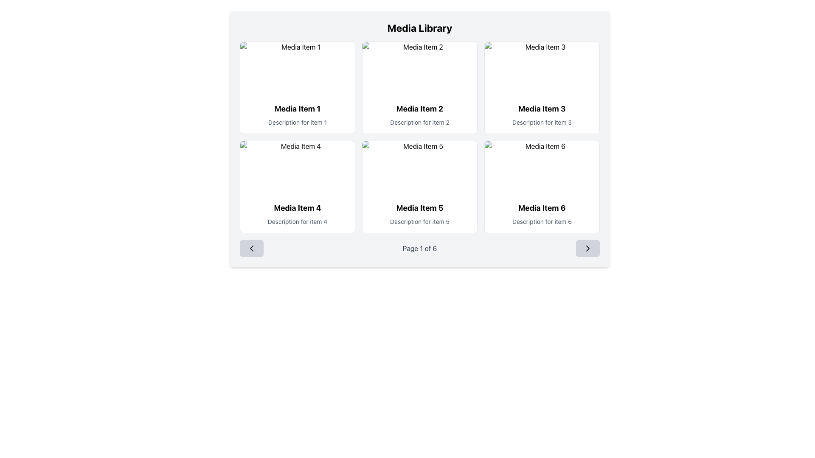  I want to click on text content of the heading label that serves as the title for the third media card in the first row of the media library layout, so click(541, 109).